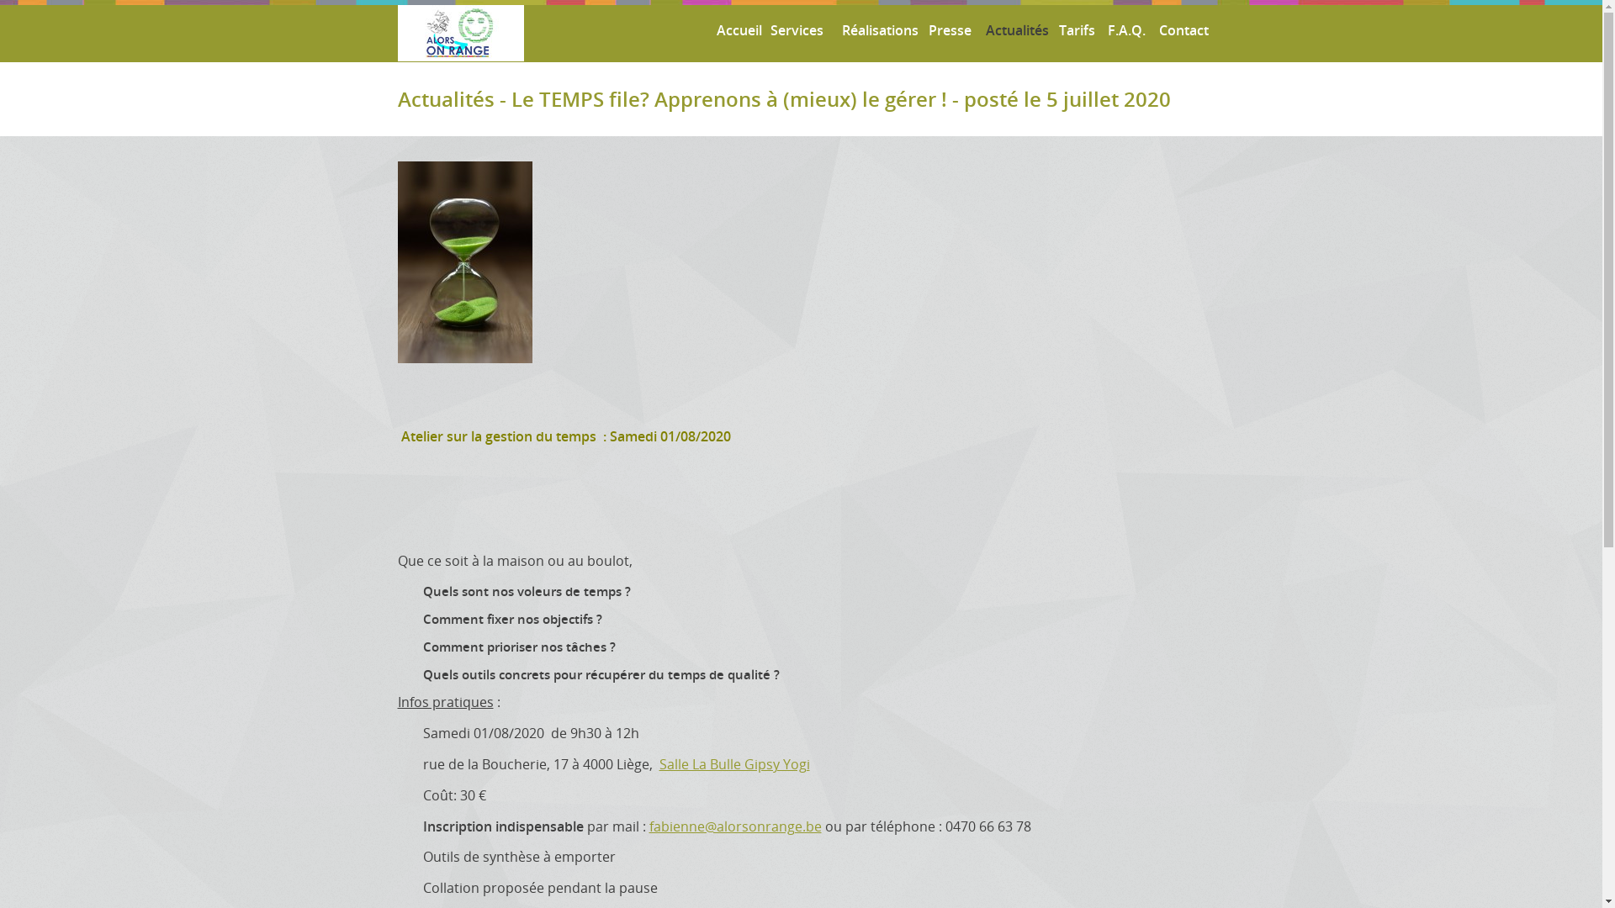 Image resolution: width=1615 pixels, height=908 pixels. Describe the element at coordinates (734, 29) in the screenshot. I see `'Accueil'` at that location.